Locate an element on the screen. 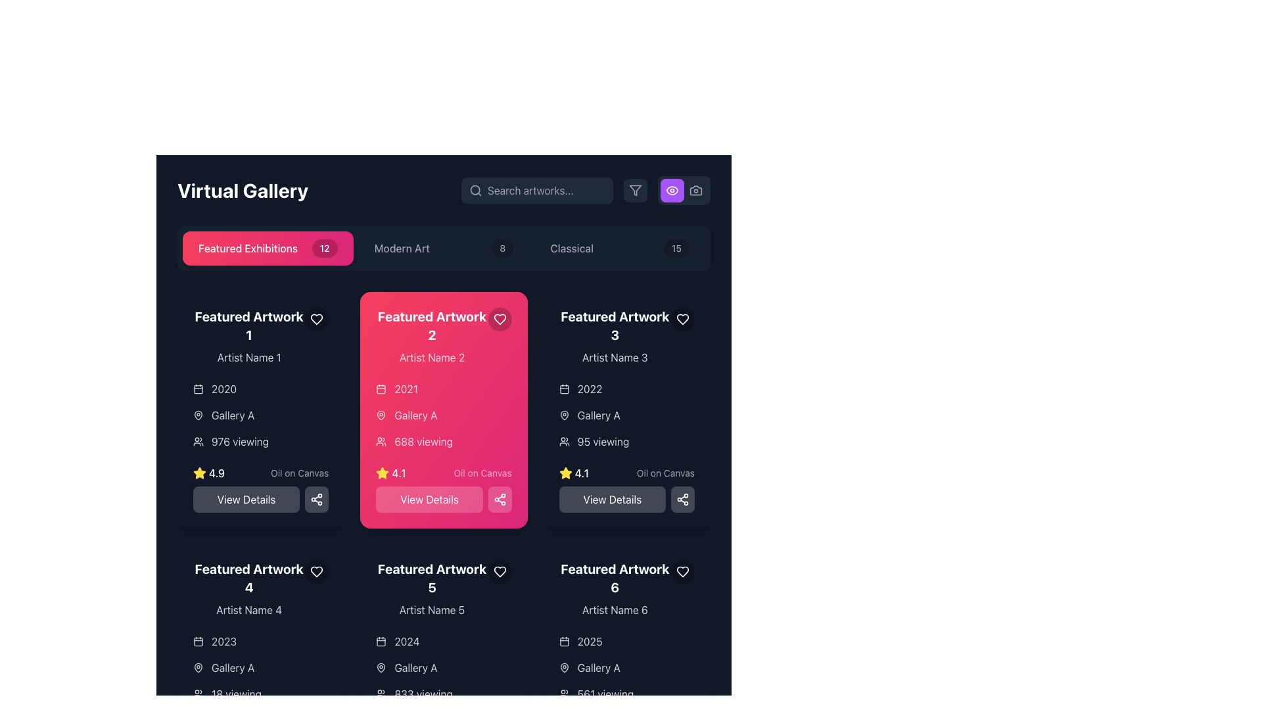  the text label displaying the year associated with 'Featured Artwork 4' for interaction, if enabled is located at coordinates (224, 640).